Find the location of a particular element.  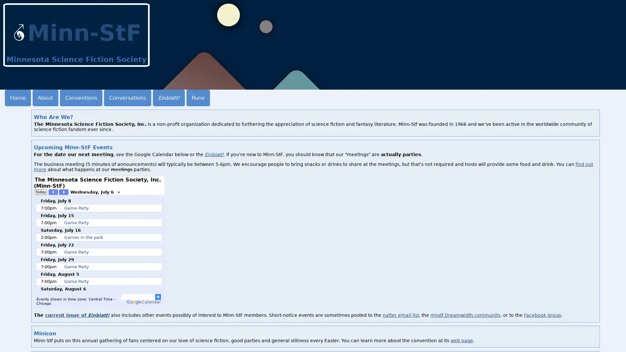

Conventions is located at coordinates (81, 98).